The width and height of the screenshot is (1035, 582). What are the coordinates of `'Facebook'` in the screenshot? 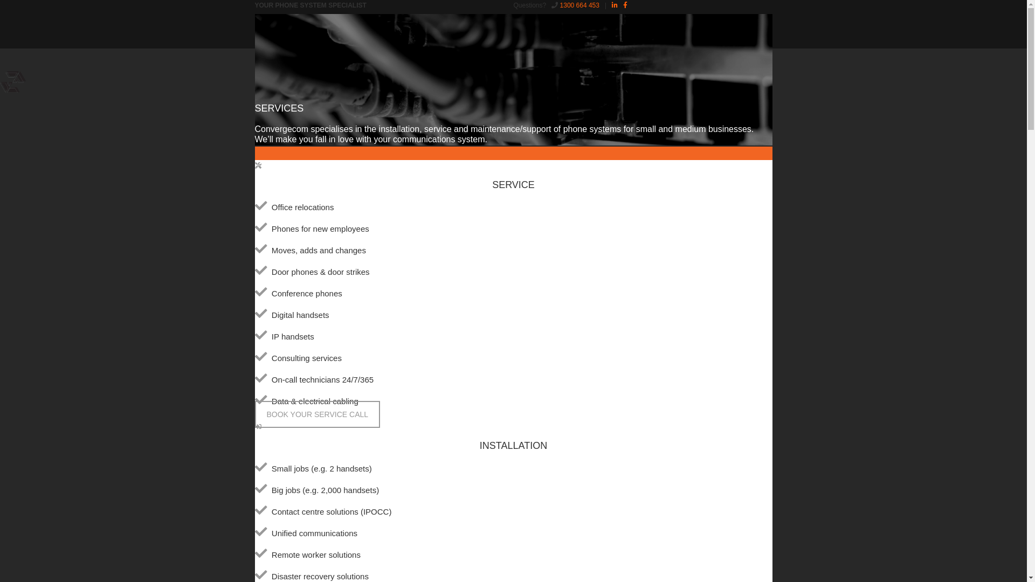 It's located at (625, 5).